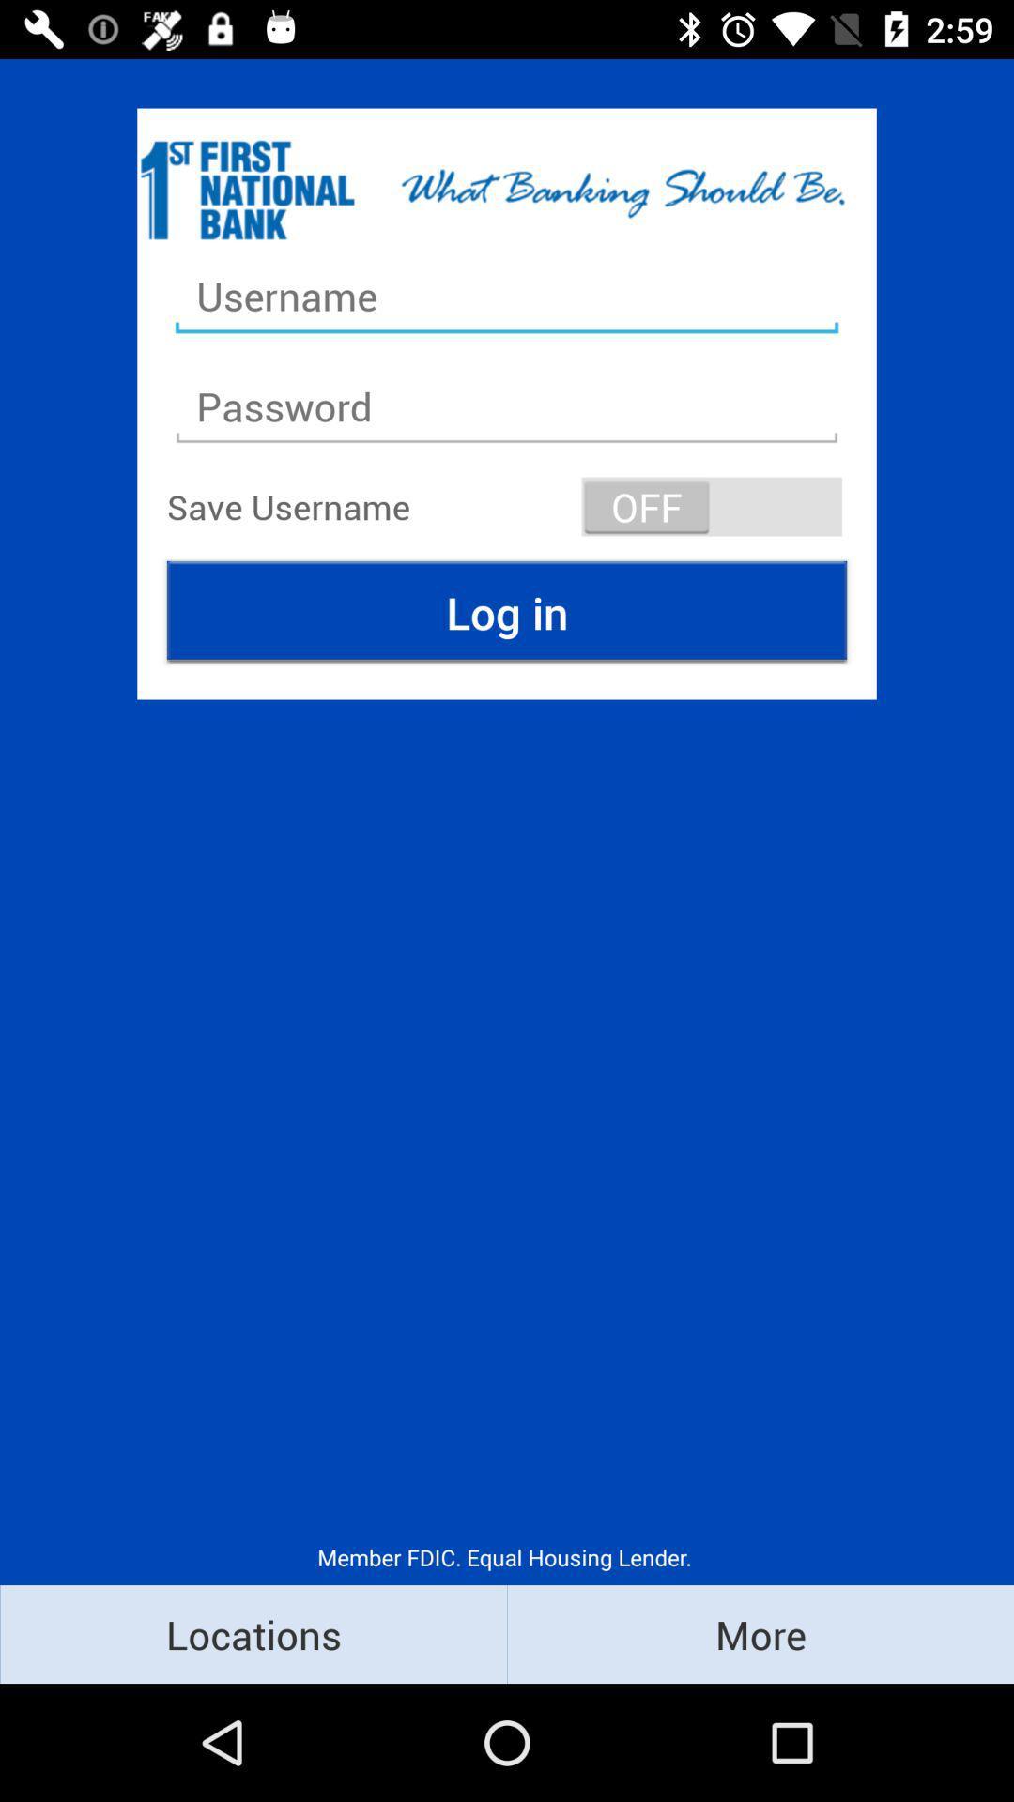  What do you see at coordinates (760, 1633) in the screenshot?
I see `the icon to the right of locations item` at bounding box center [760, 1633].